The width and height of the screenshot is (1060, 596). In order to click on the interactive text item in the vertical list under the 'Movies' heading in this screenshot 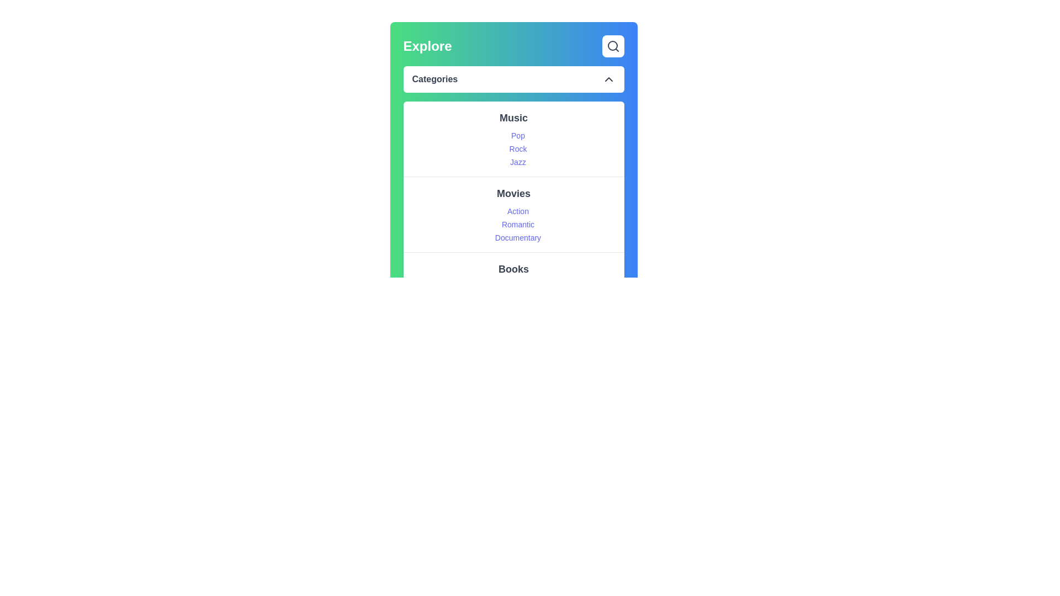, I will do `click(517, 224)`.